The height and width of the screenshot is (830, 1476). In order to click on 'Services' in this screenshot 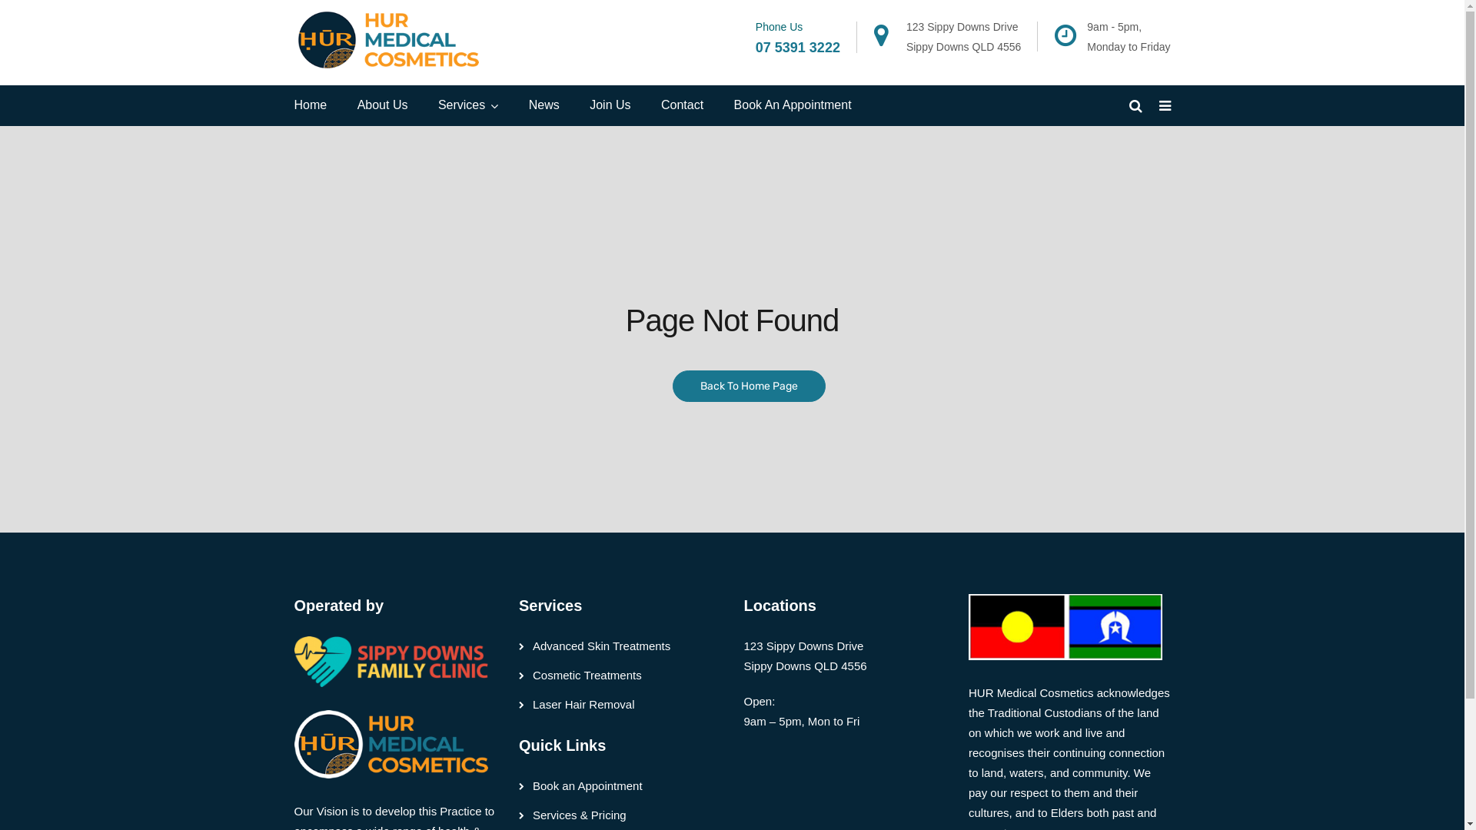, I will do `click(437, 105)`.